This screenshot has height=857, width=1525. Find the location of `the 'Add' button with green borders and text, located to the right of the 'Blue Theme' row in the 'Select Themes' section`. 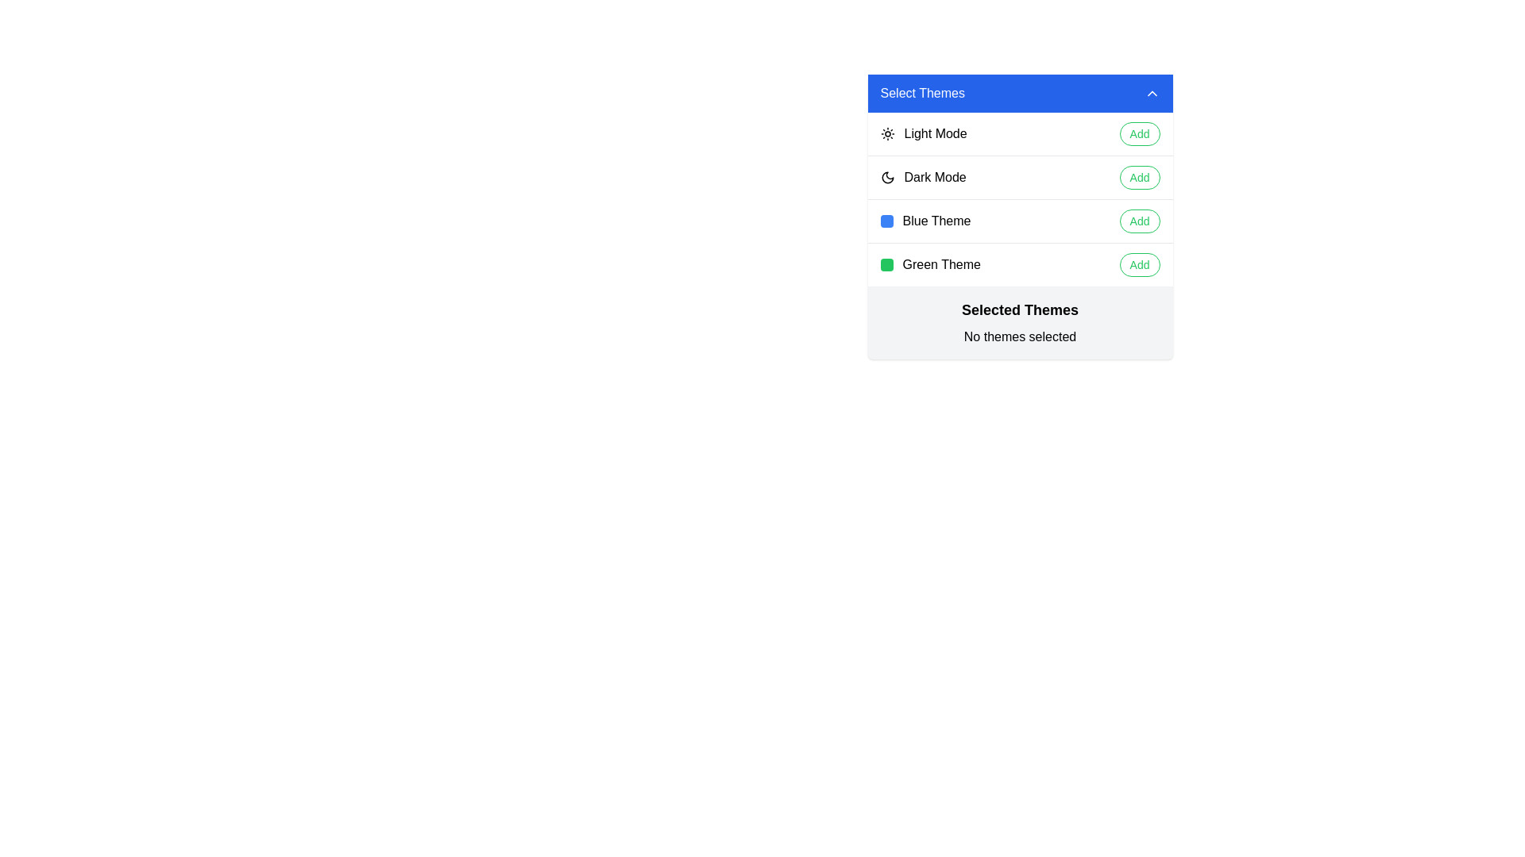

the 'Add' button with green borders and text, located to the right of the 'Blue Theme' row in the 'Select Themes' section is located at coordinates (1139, 221).